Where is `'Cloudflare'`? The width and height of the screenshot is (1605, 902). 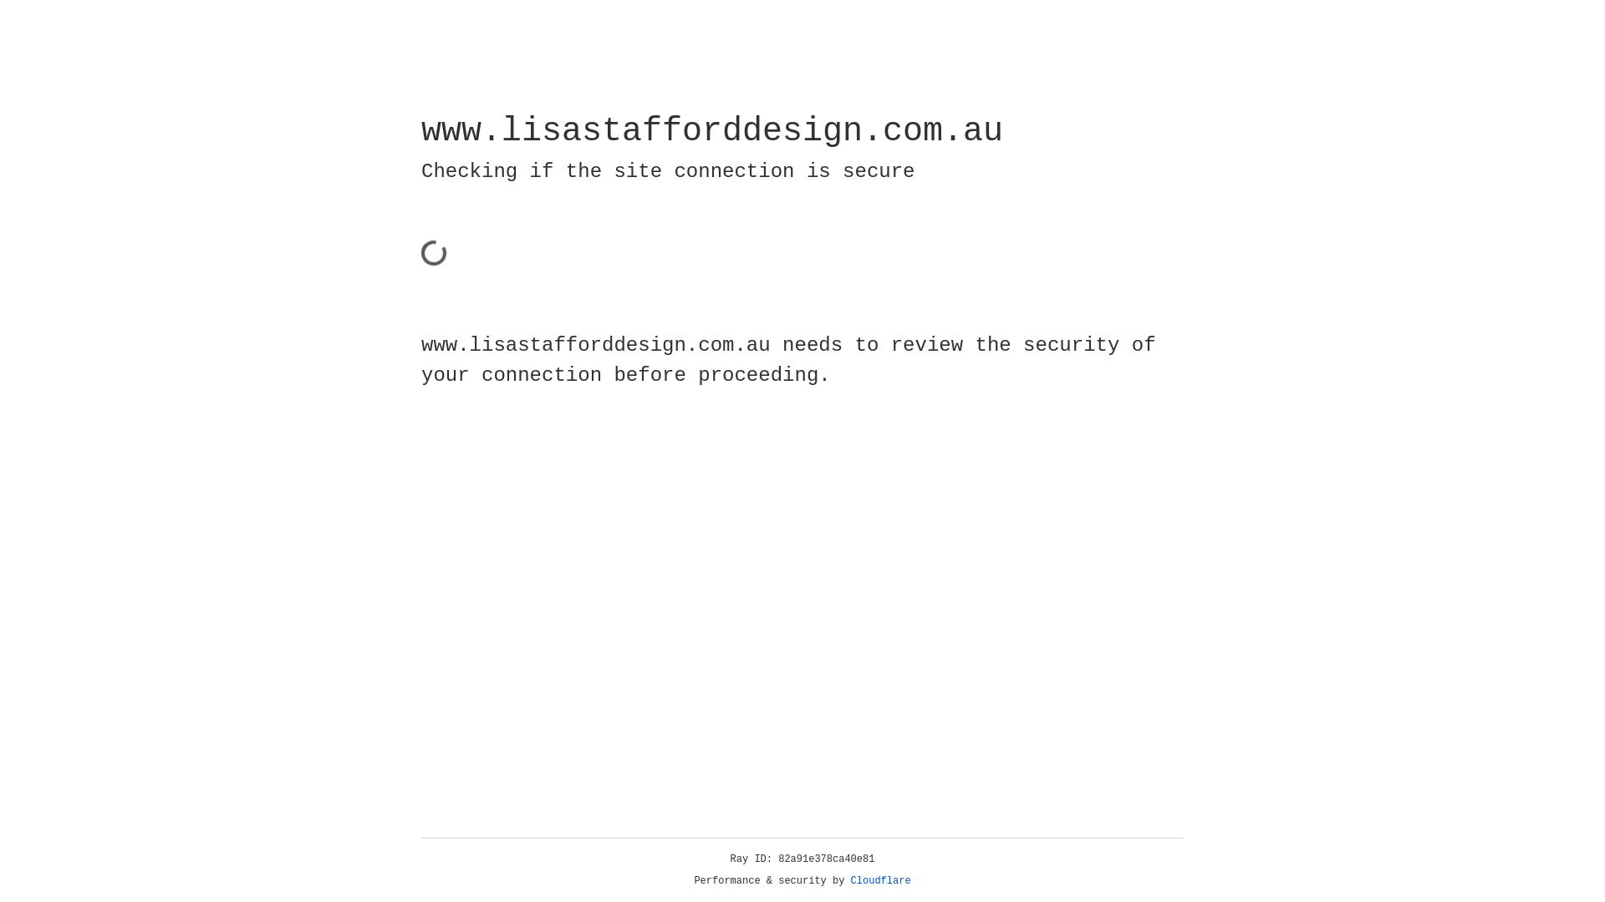 'Cloudflare' is located at coordinates (850, 880).